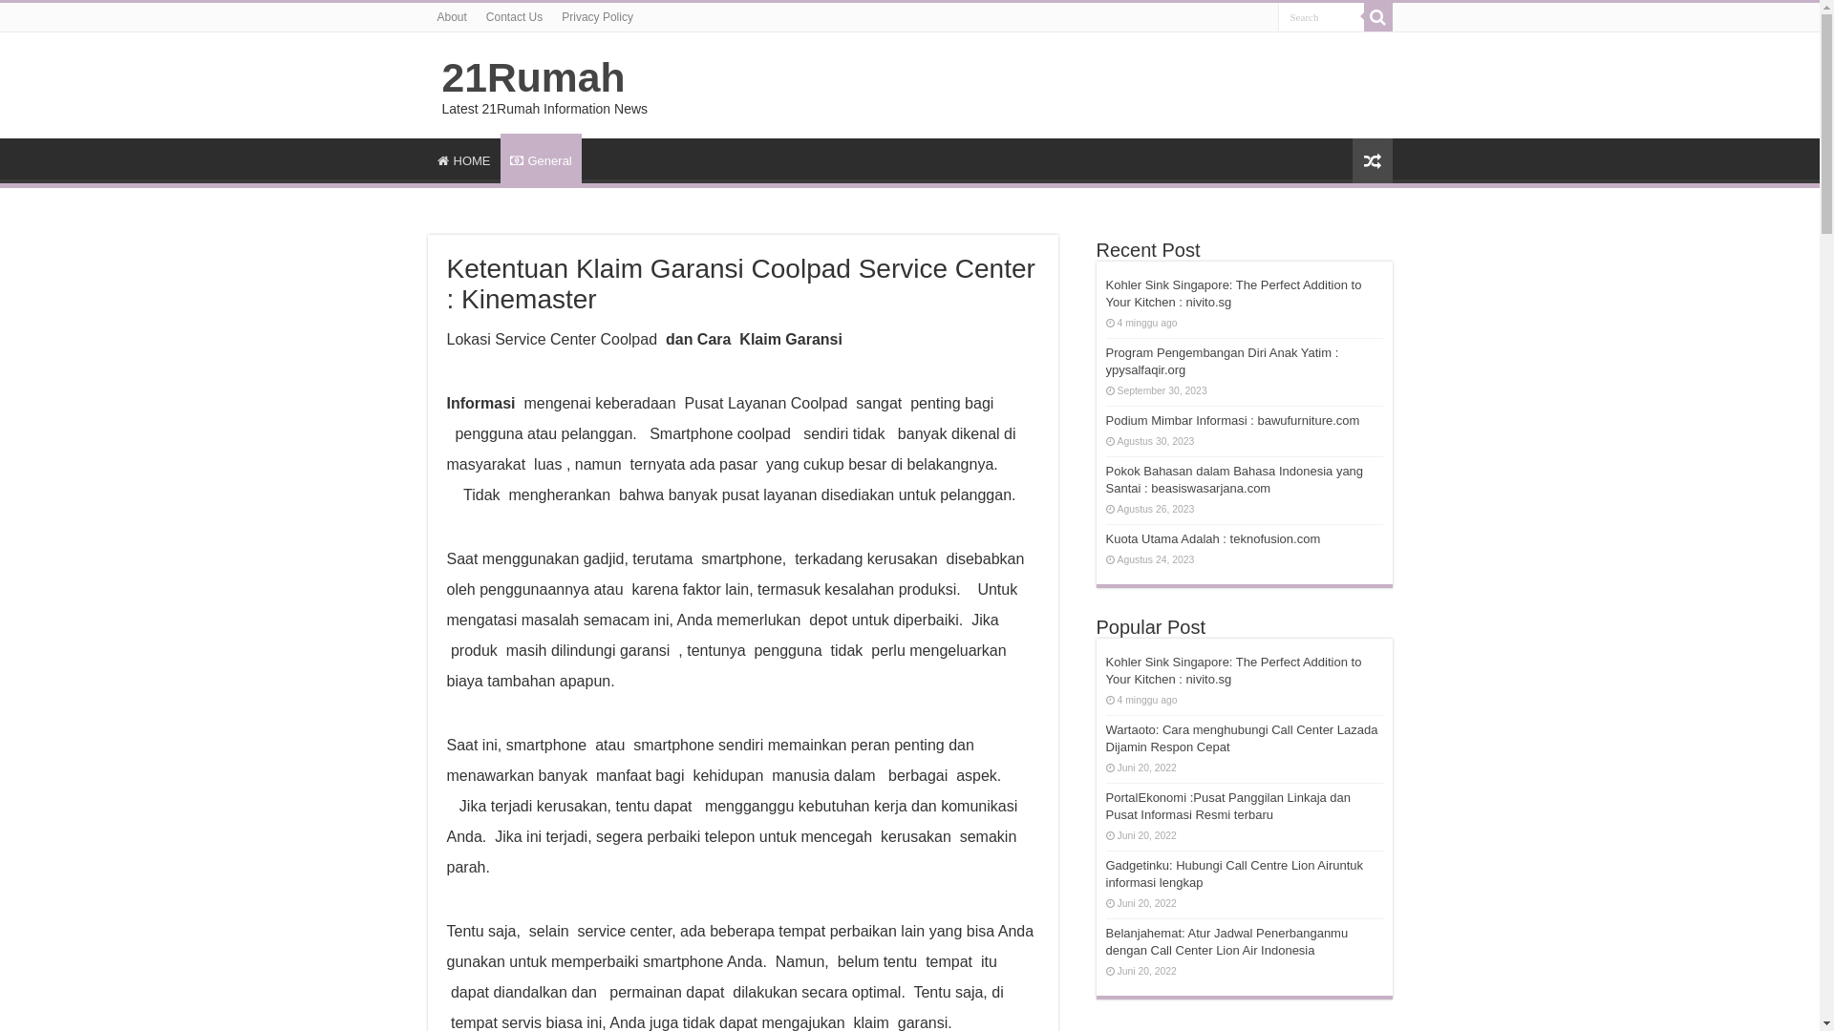  I want to click on 'Search', so click(1363, 17).